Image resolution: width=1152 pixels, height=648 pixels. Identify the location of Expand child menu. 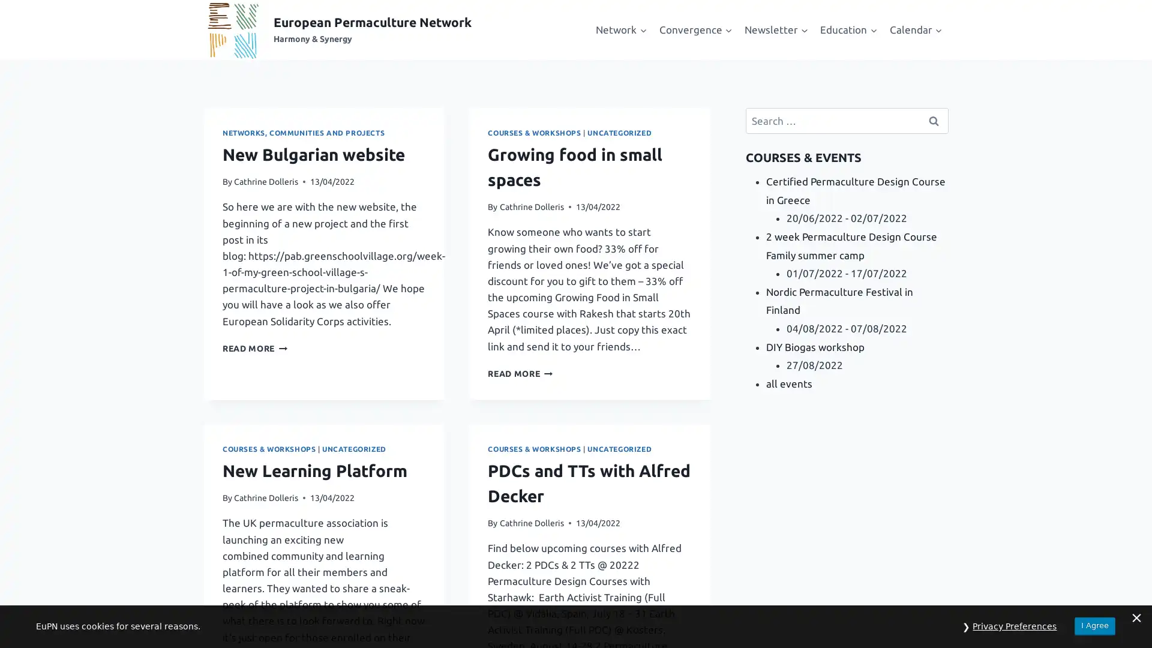
(915, 29).